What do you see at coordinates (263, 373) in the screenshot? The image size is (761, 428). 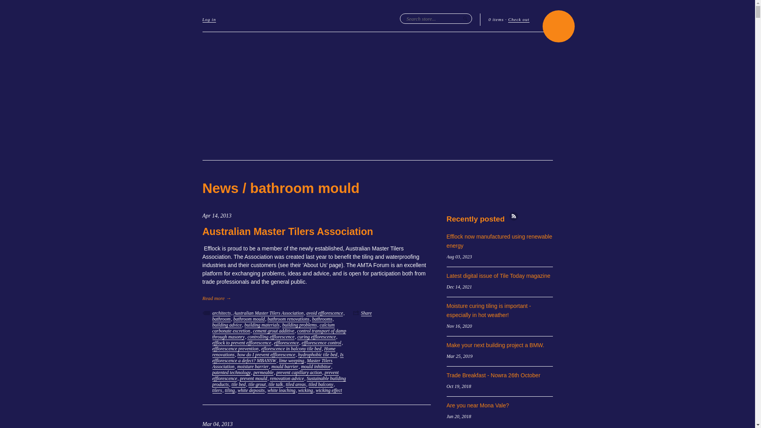 I see `'permeable'` at bounding box center [263, 373].